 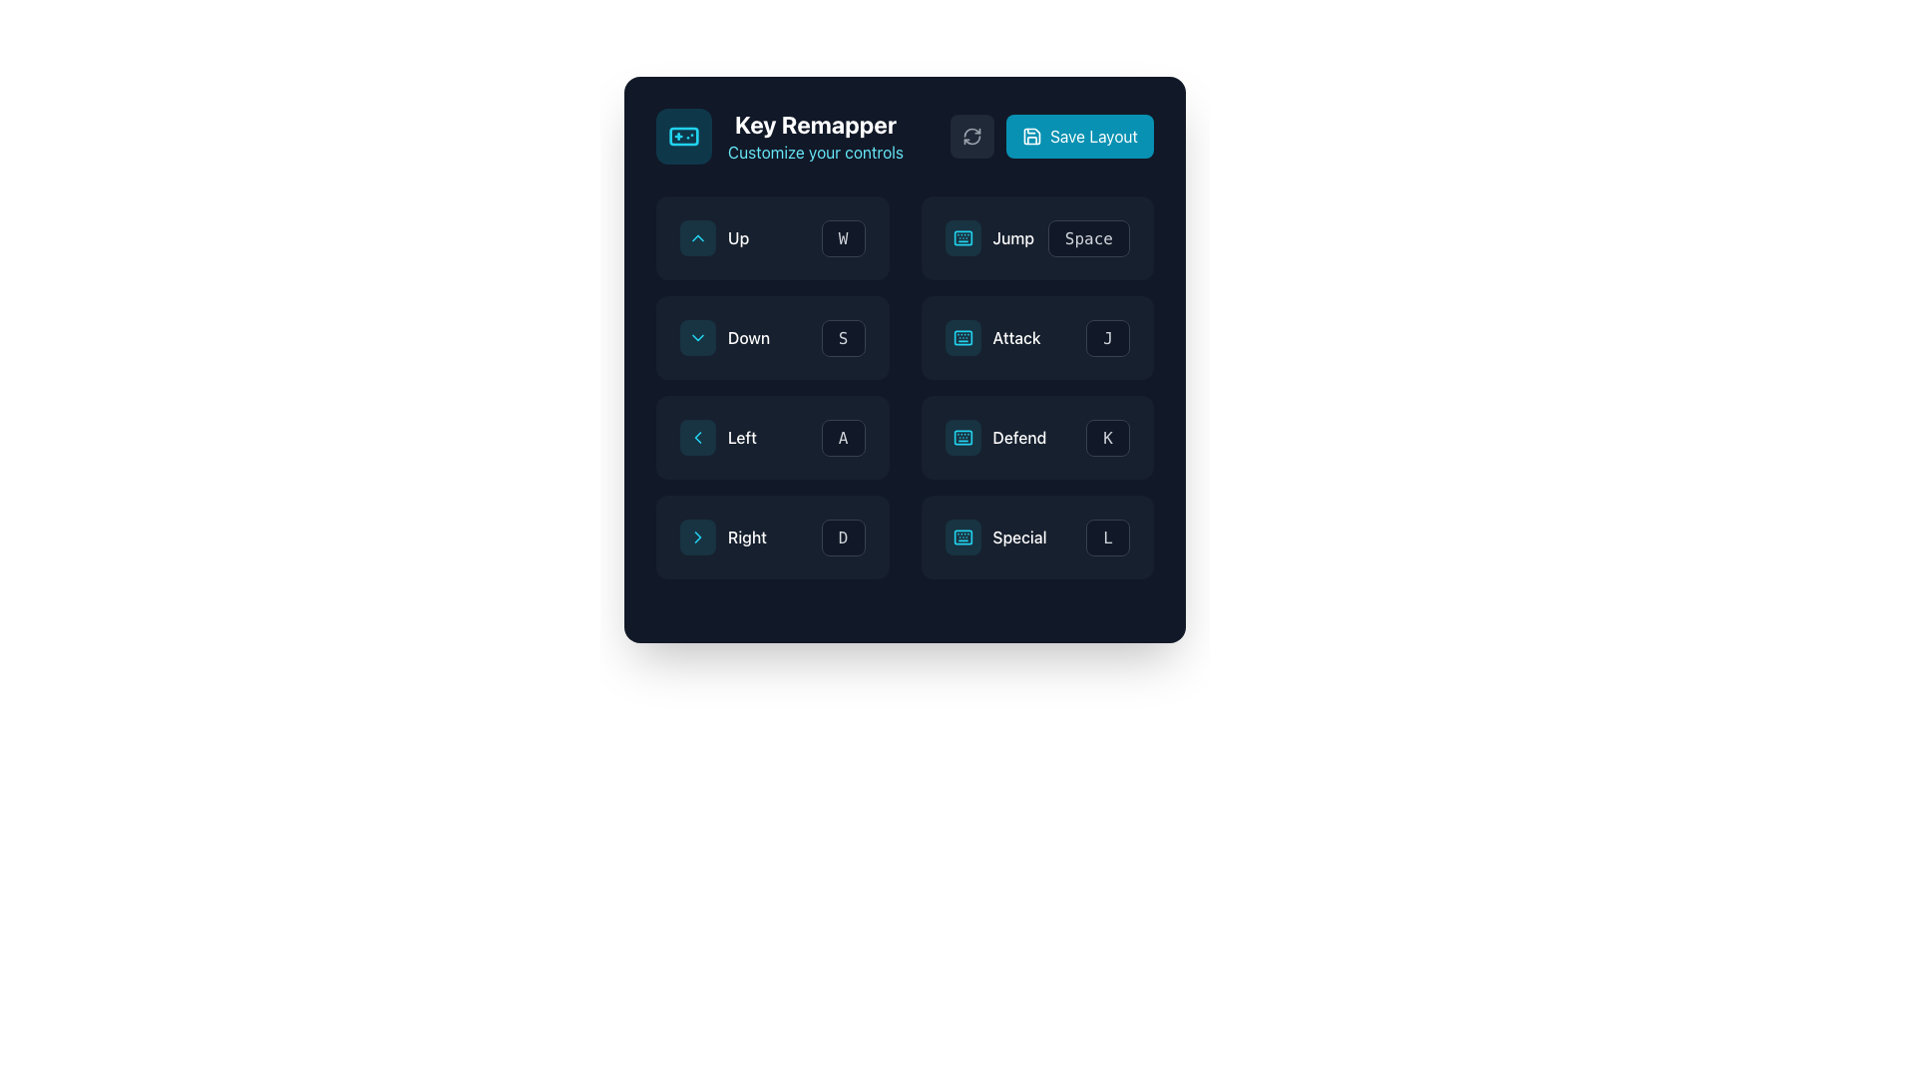 What do you see at coordinates (962, 237) in the screenshot?
I see `small SVG rectangle with rounded corners, styled in a dark color, located centrally within the keyboard icon group in the top-right corner of the interface for debugging` at bounding box center [962, 237].